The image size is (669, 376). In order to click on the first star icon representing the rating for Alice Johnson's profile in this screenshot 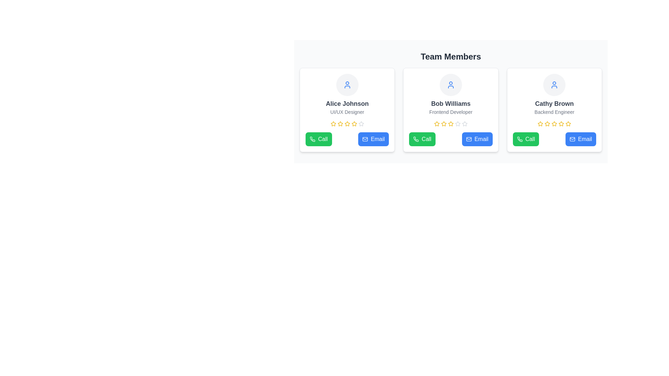, I will do `click(333, 123)`.